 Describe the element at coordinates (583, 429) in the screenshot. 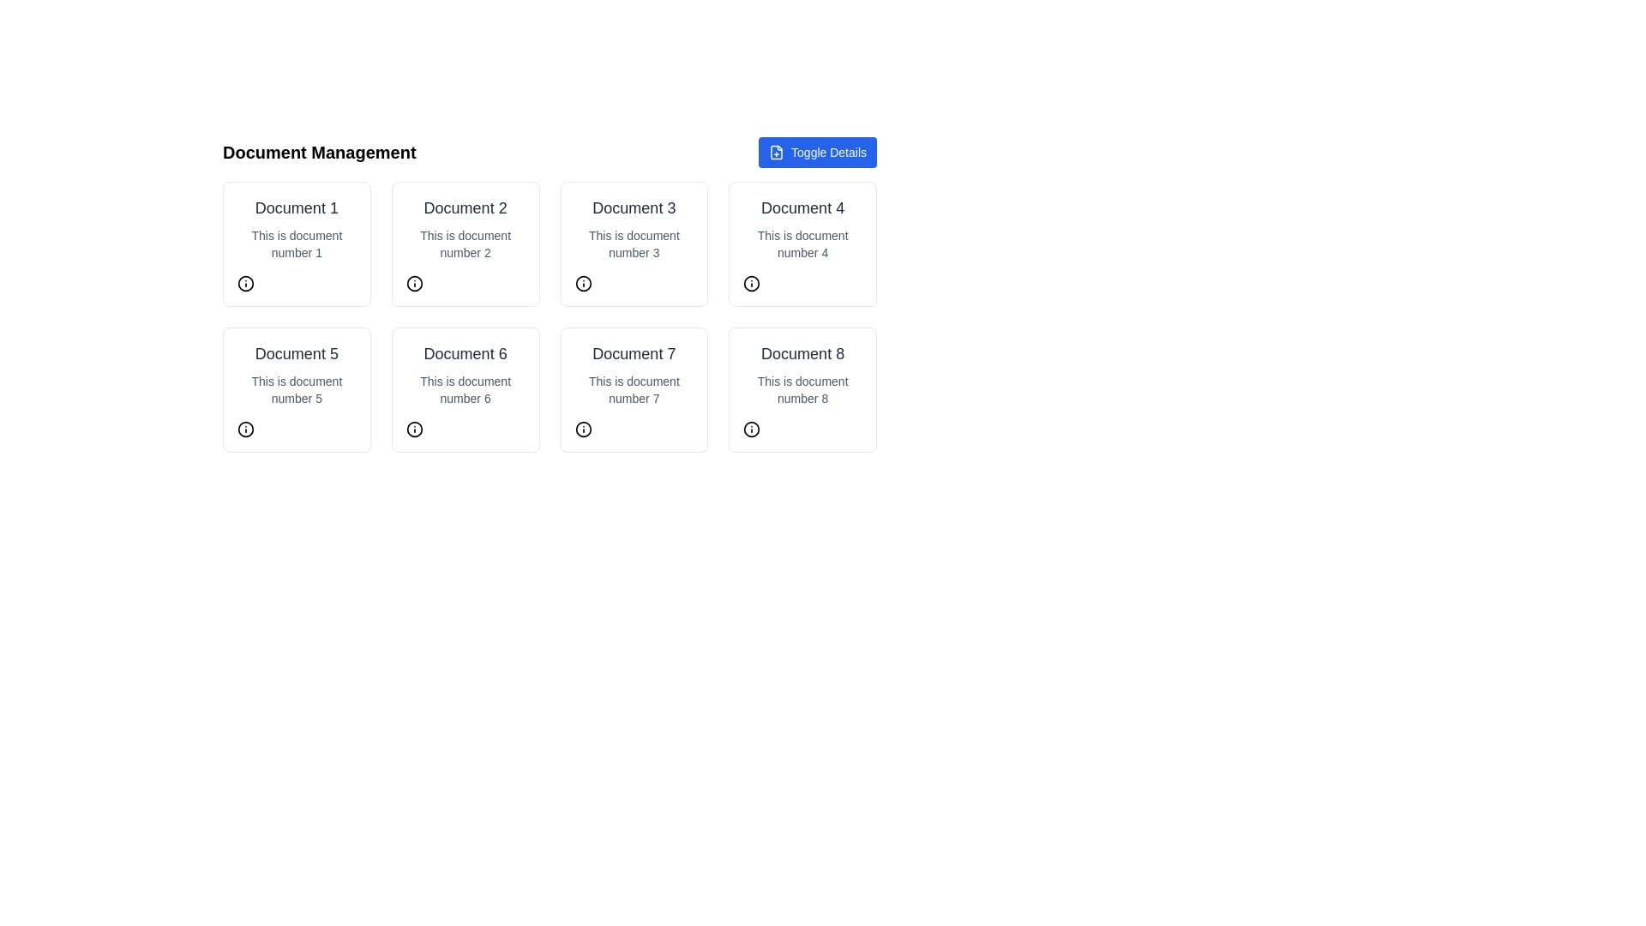

I see `the Info icon located at the bottom-right corner of the 'Document 7' card` at that location.